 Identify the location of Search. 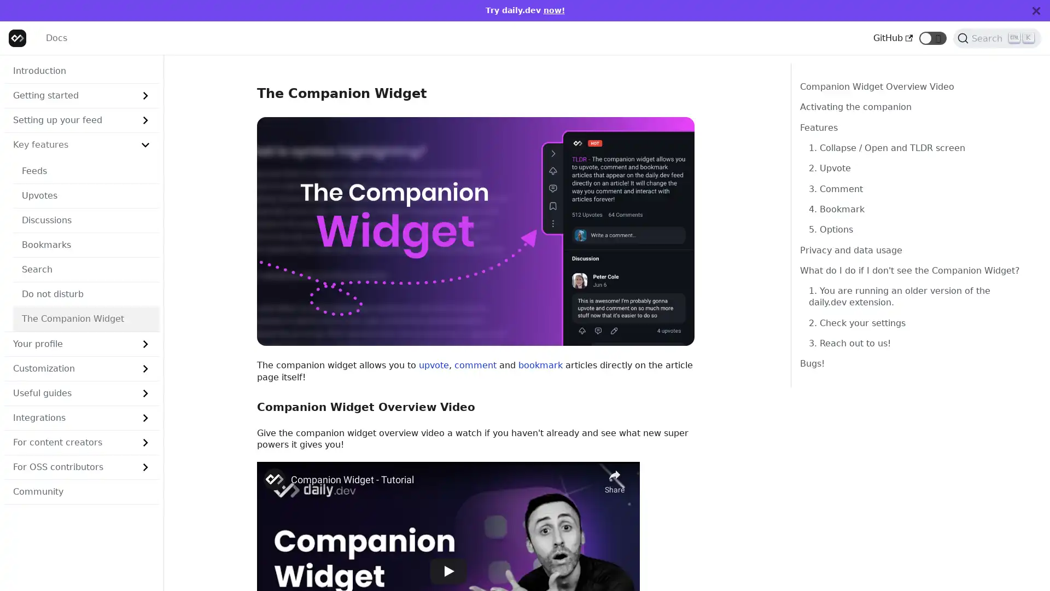
(997, 37).